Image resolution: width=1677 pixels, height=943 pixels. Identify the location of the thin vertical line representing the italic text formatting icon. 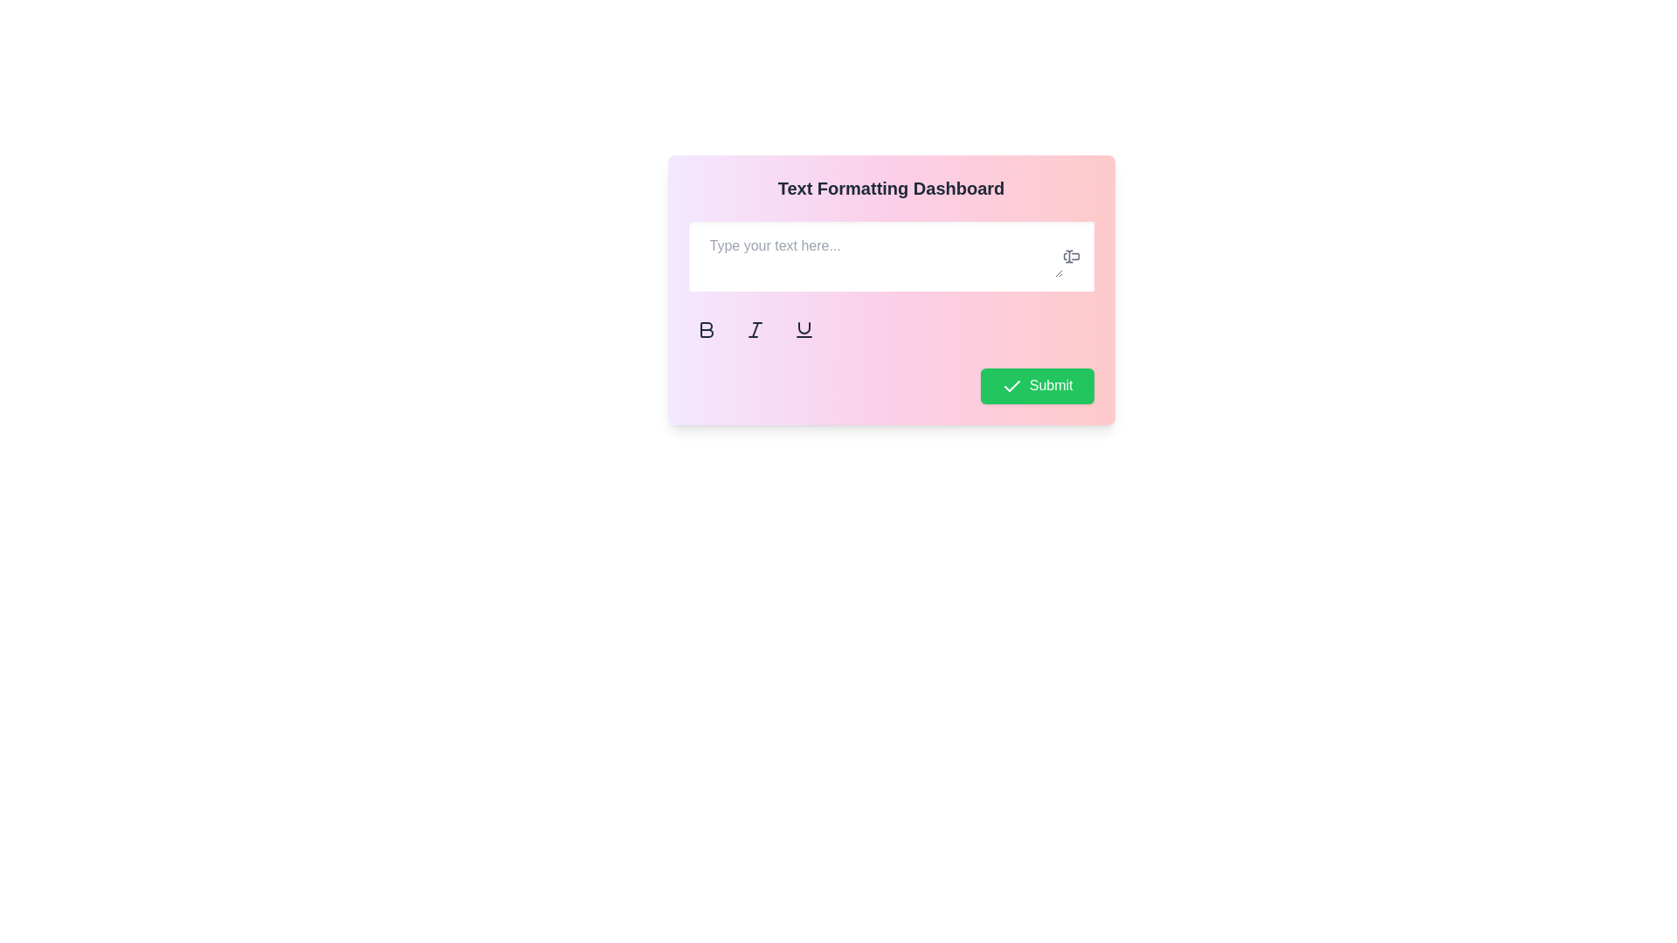
(755, 330).